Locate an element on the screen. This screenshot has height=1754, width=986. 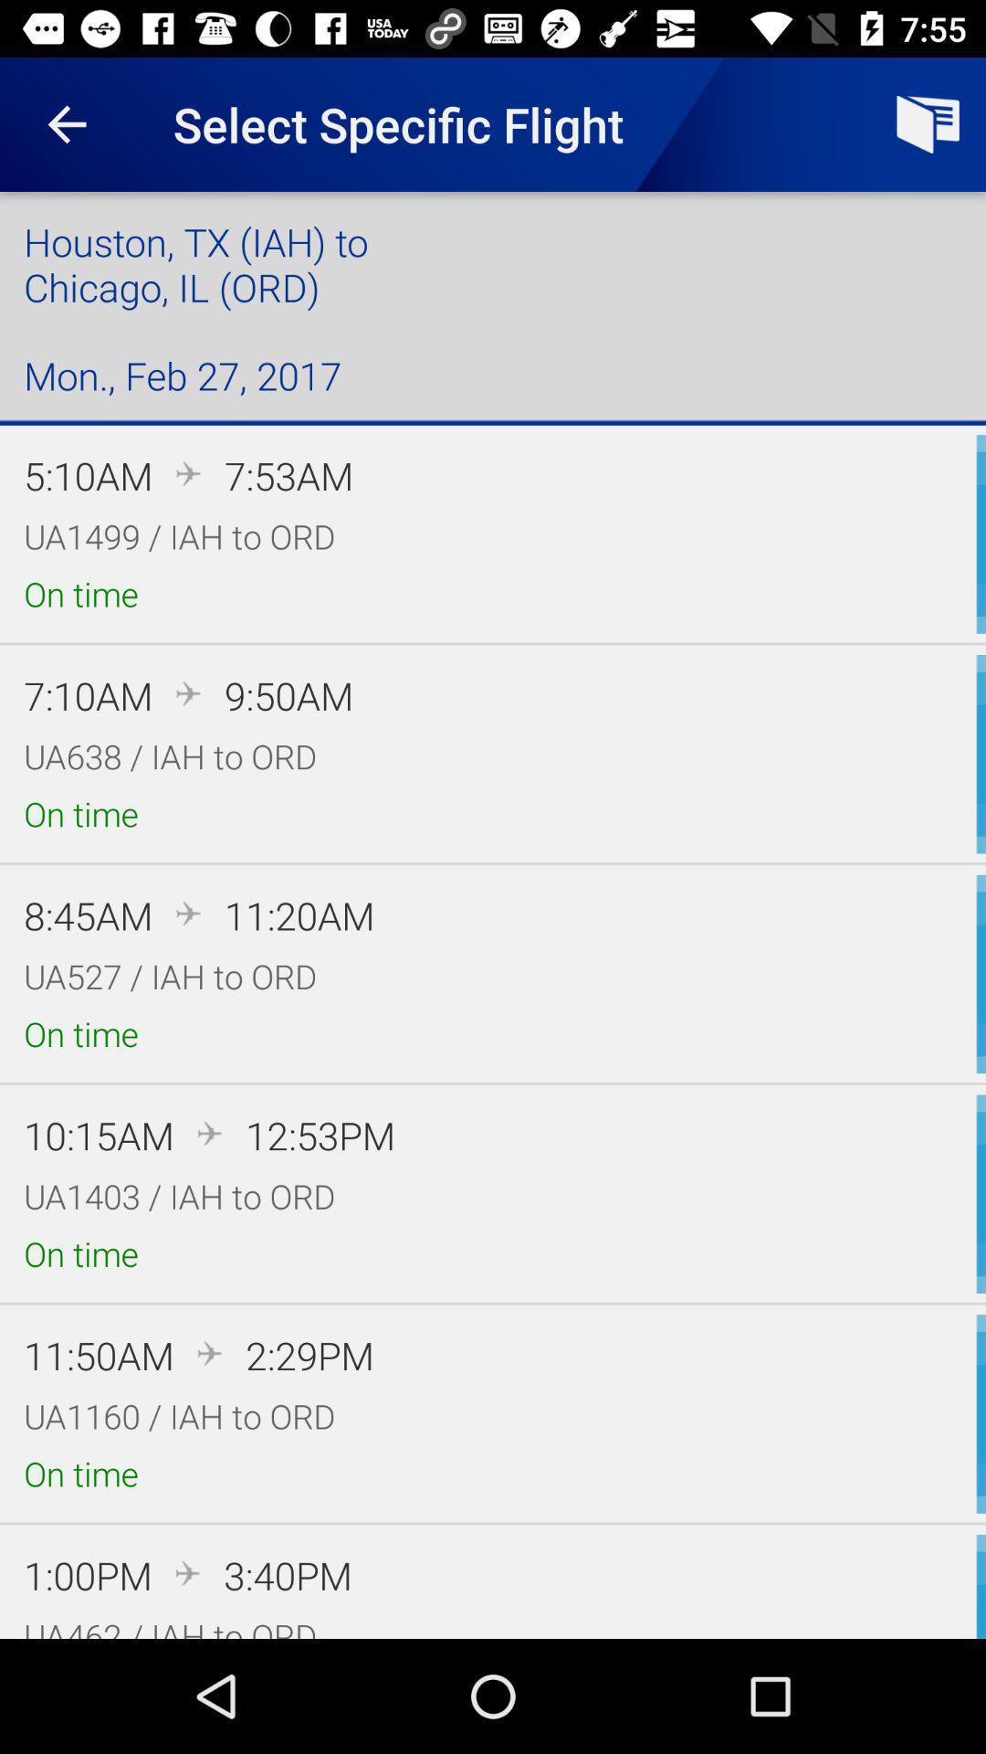
12:53pm is located at coordinates (320, 1134).